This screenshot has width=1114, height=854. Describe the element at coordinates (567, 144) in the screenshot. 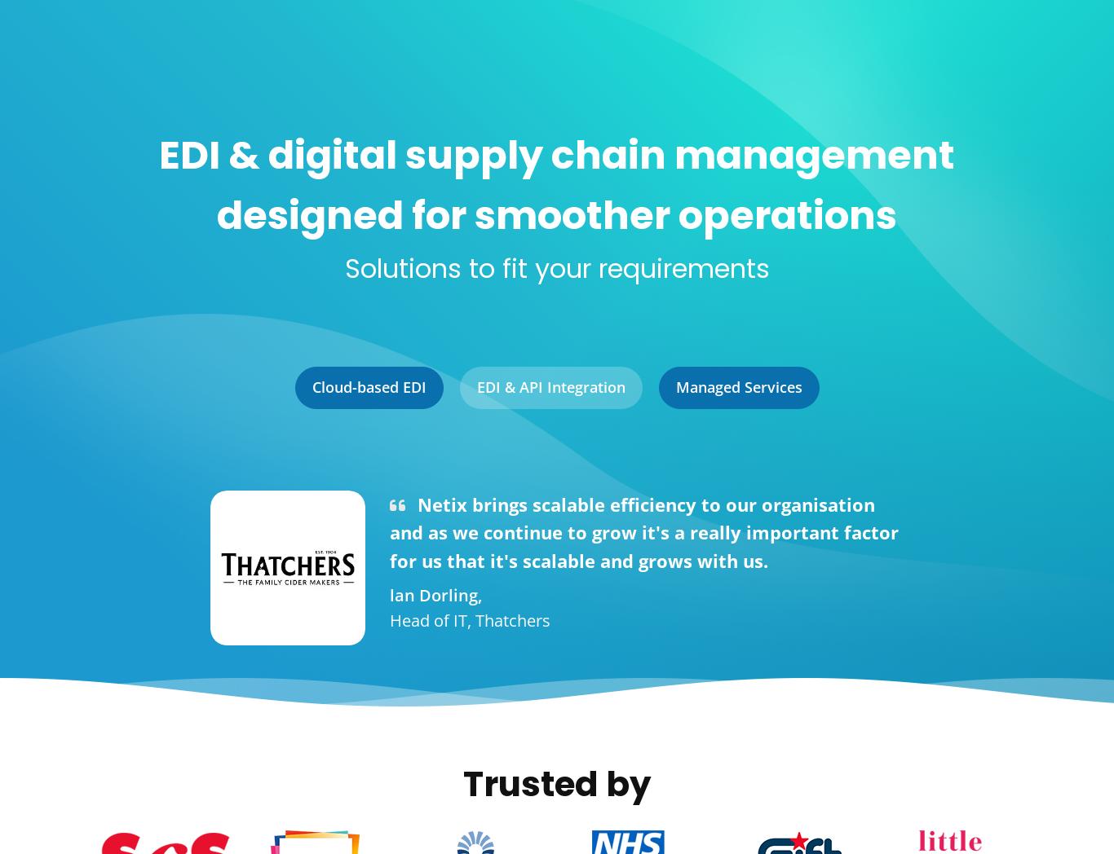

I see `'billion'` at that location.